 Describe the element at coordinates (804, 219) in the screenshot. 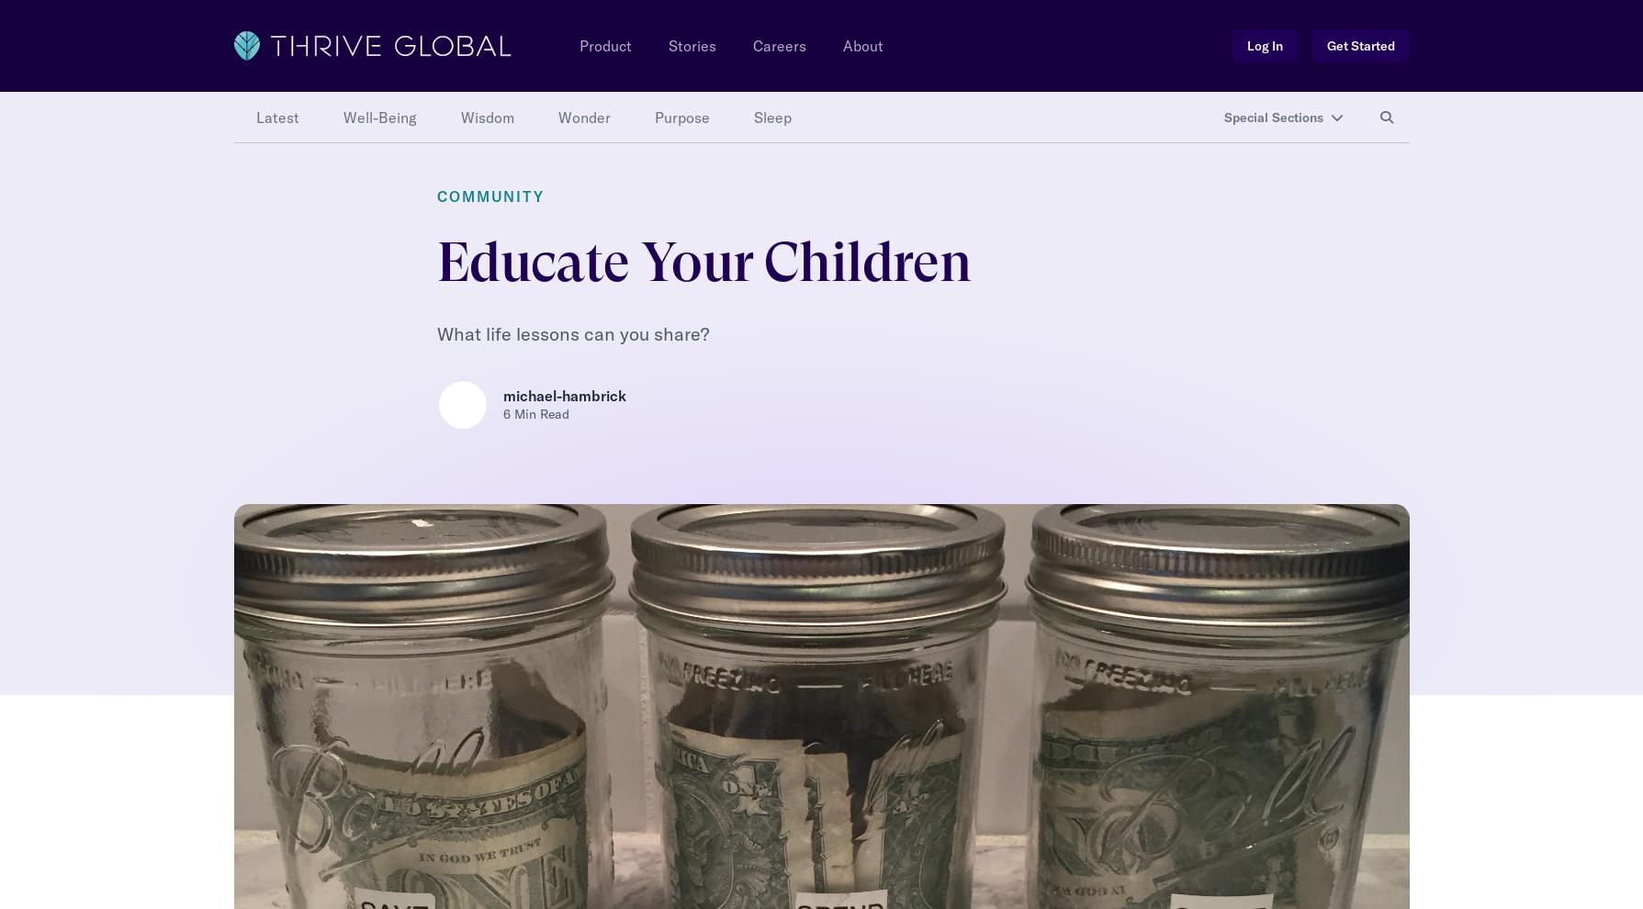

I see `'Aside from some extreme cases, he’s allowed to use his “spend” money on whatever he wants. We’d rather he learn valuable lessons about spending on small things now, versus down the road when the stakes are higher.'` at that location.